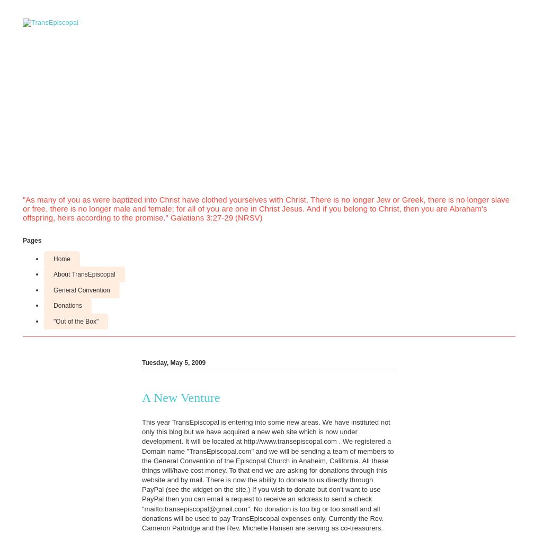 This screenshot has height=541, width=534. Describe the element at coordinates (32, 240) in the screenshot. I see `'Pages'` at that location.